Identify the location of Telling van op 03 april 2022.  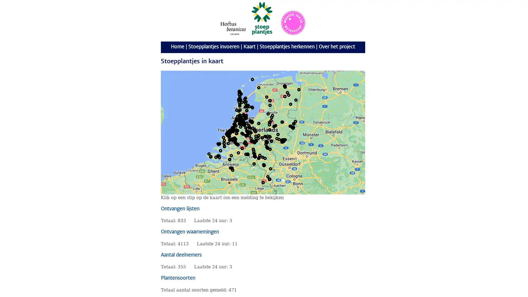
(246, 115).